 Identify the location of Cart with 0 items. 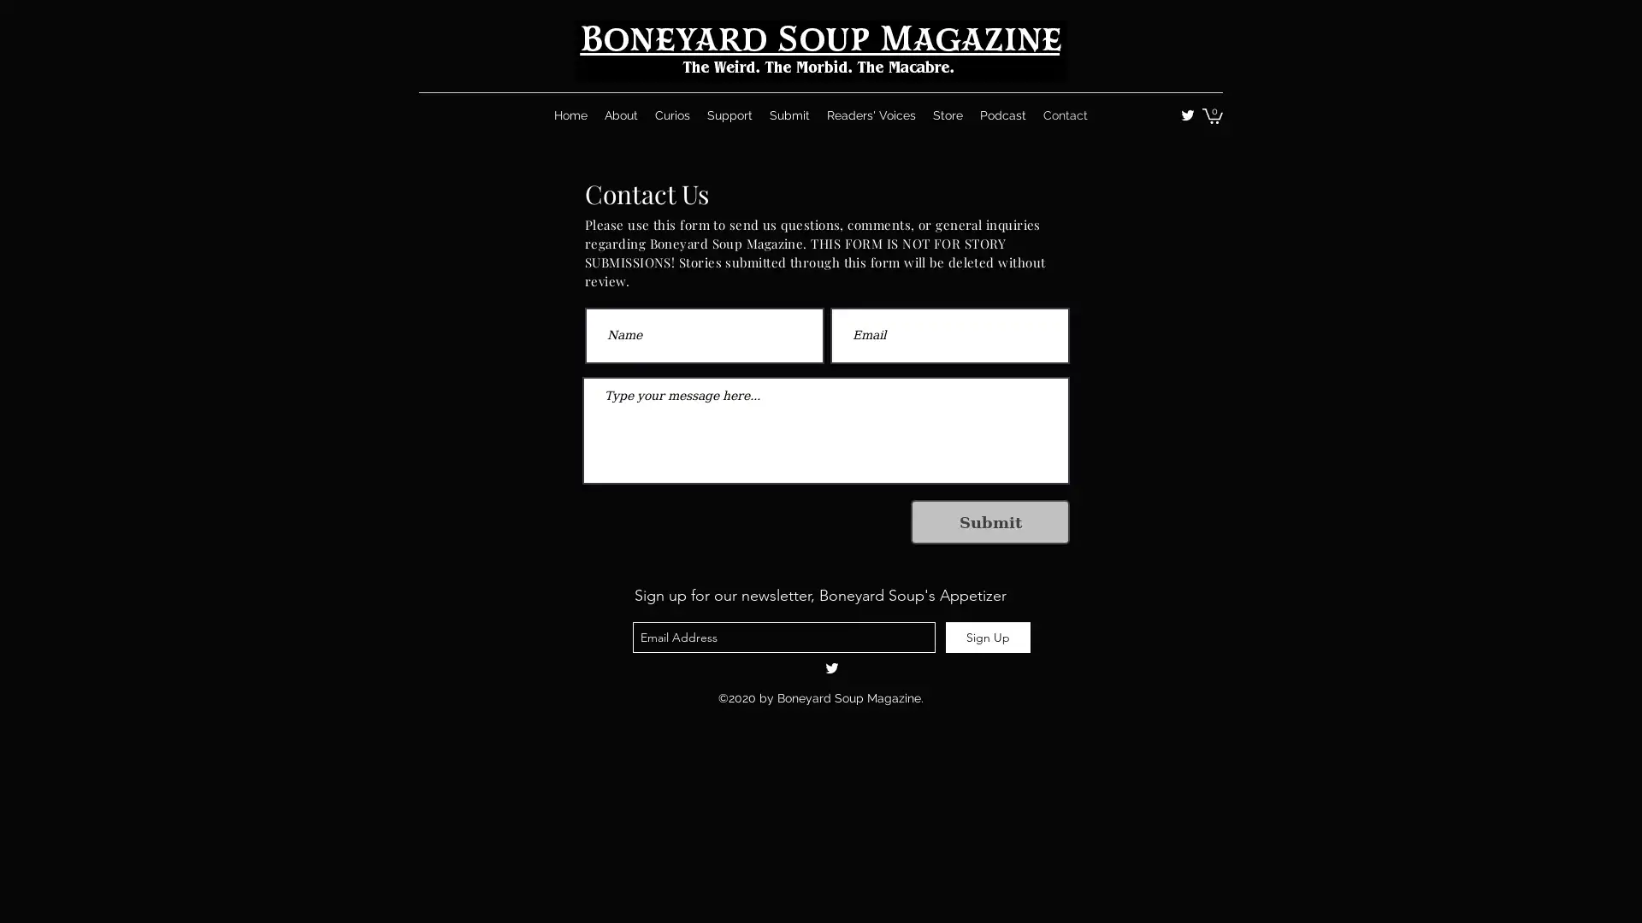
(1211, 115).